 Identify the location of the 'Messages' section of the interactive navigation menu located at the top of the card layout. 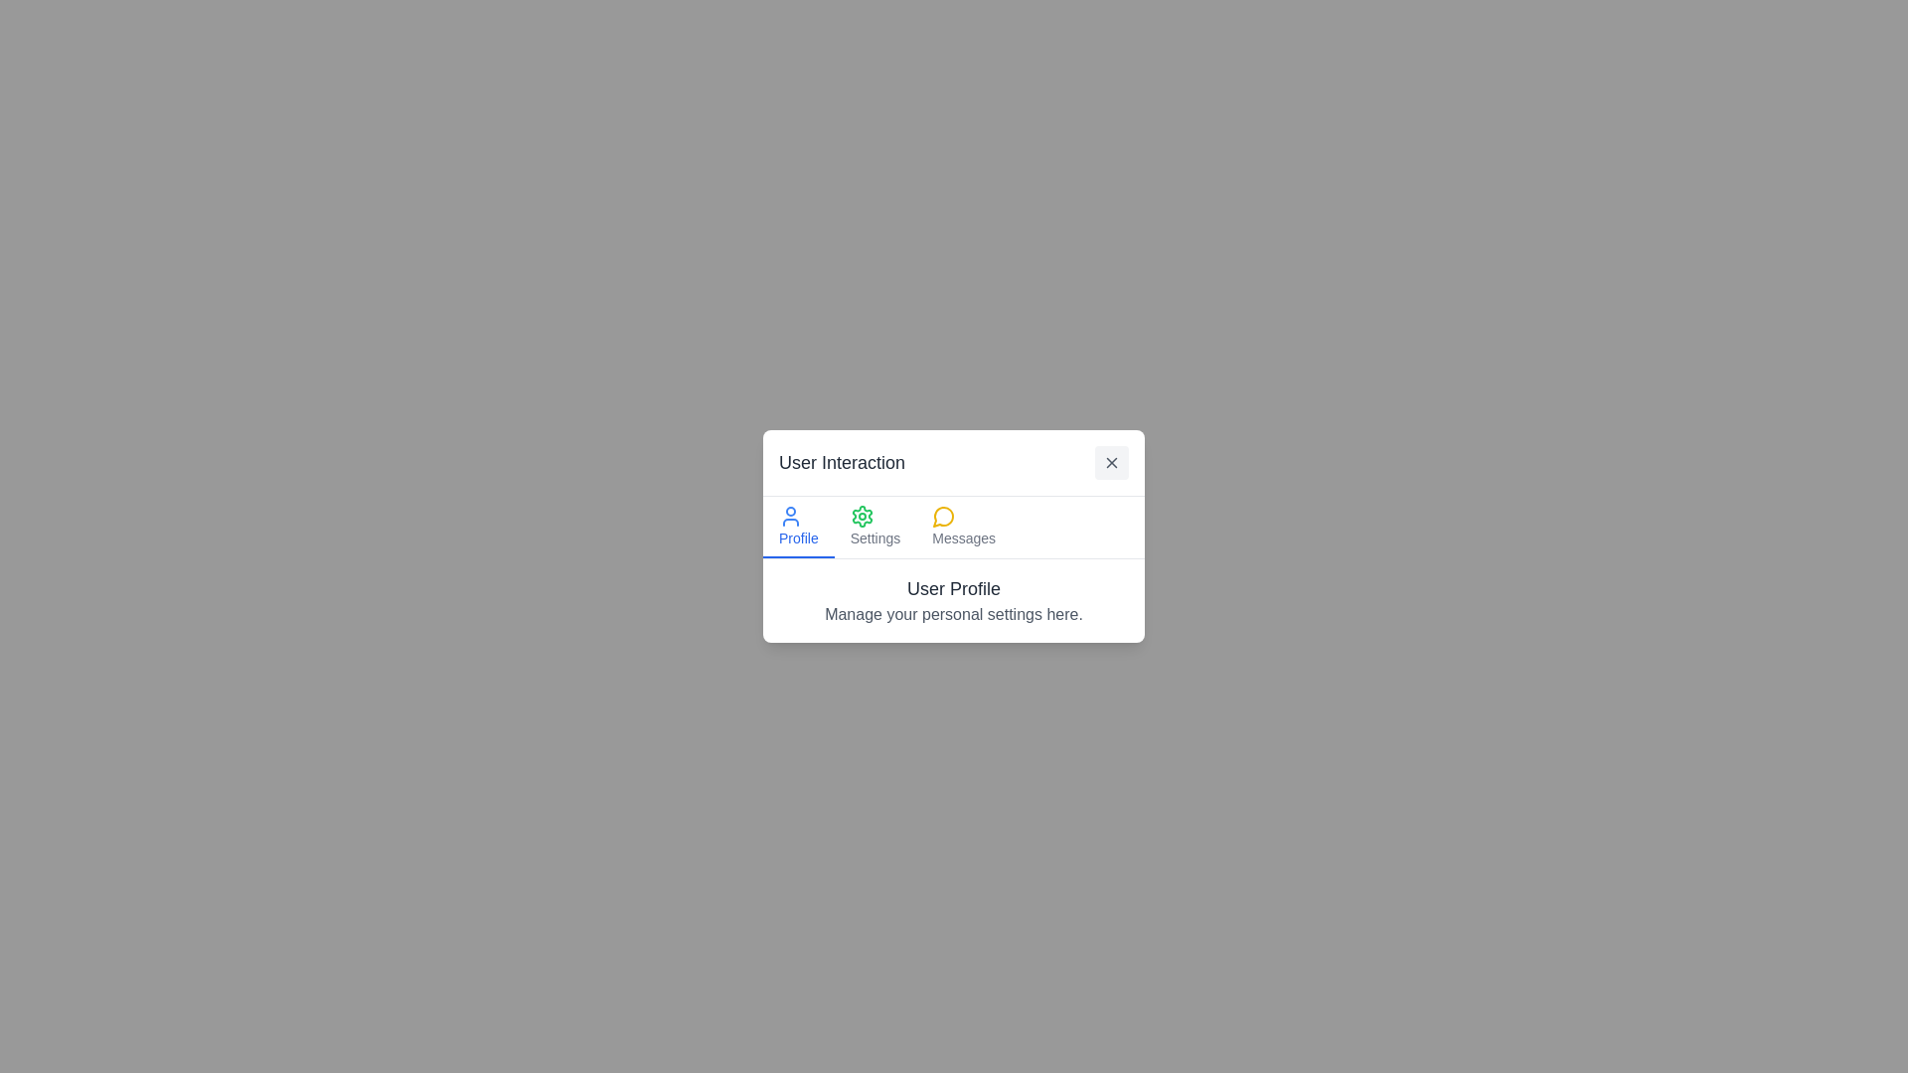
(954, 527).